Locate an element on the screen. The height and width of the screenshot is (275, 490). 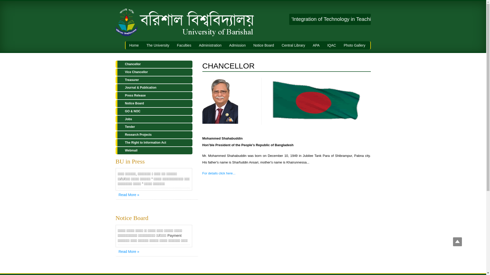
'Research Projects' is located at coordinates (153, 134).